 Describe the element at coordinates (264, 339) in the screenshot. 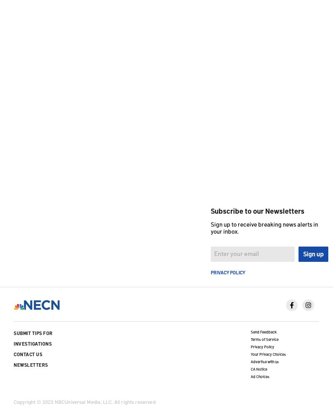

I see `'Terms of Service'` at that location.